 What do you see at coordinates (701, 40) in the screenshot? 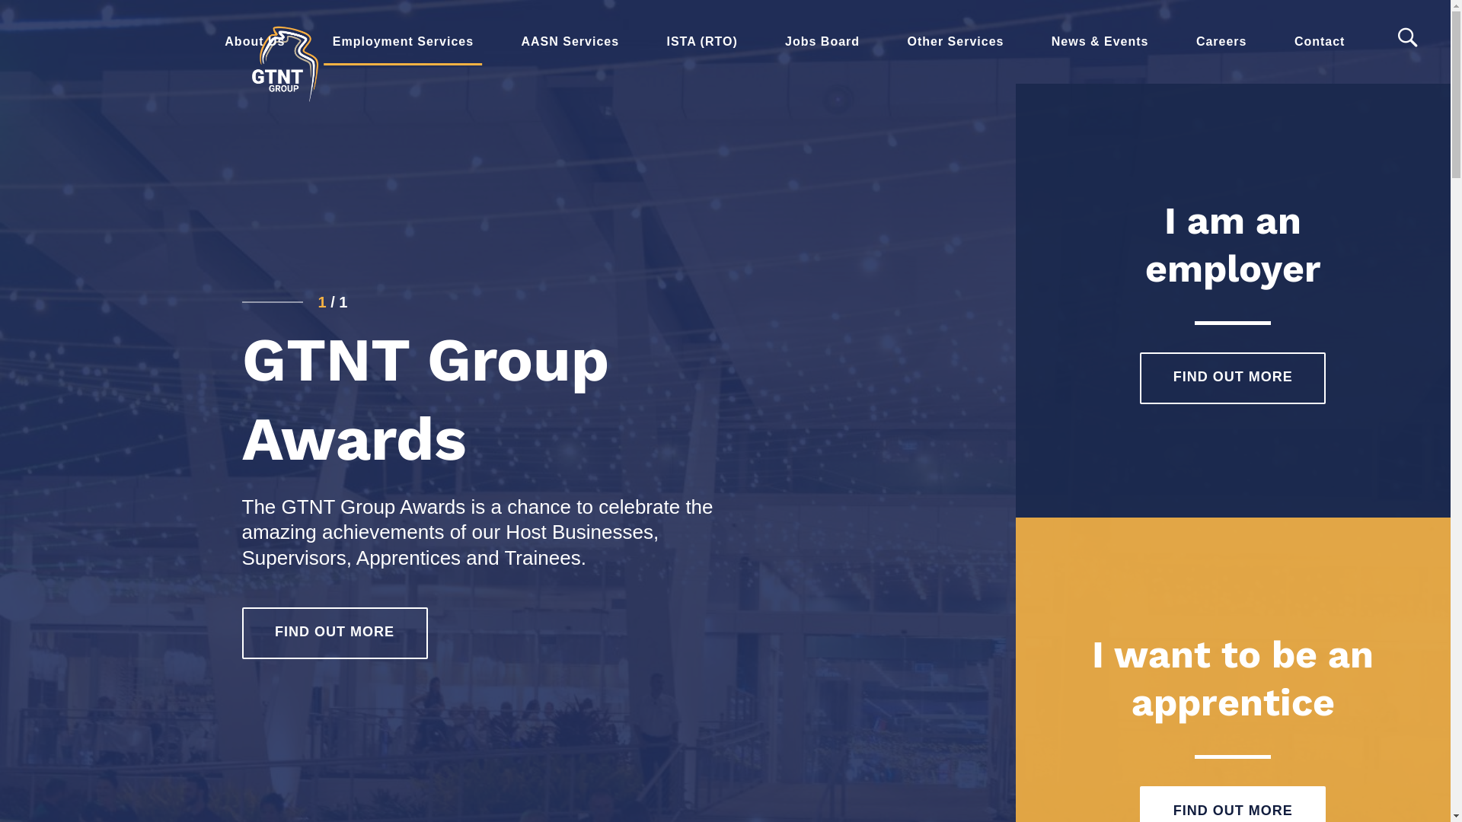
I see `'ISTA (RTO)'` at bounding box center [701, 40].